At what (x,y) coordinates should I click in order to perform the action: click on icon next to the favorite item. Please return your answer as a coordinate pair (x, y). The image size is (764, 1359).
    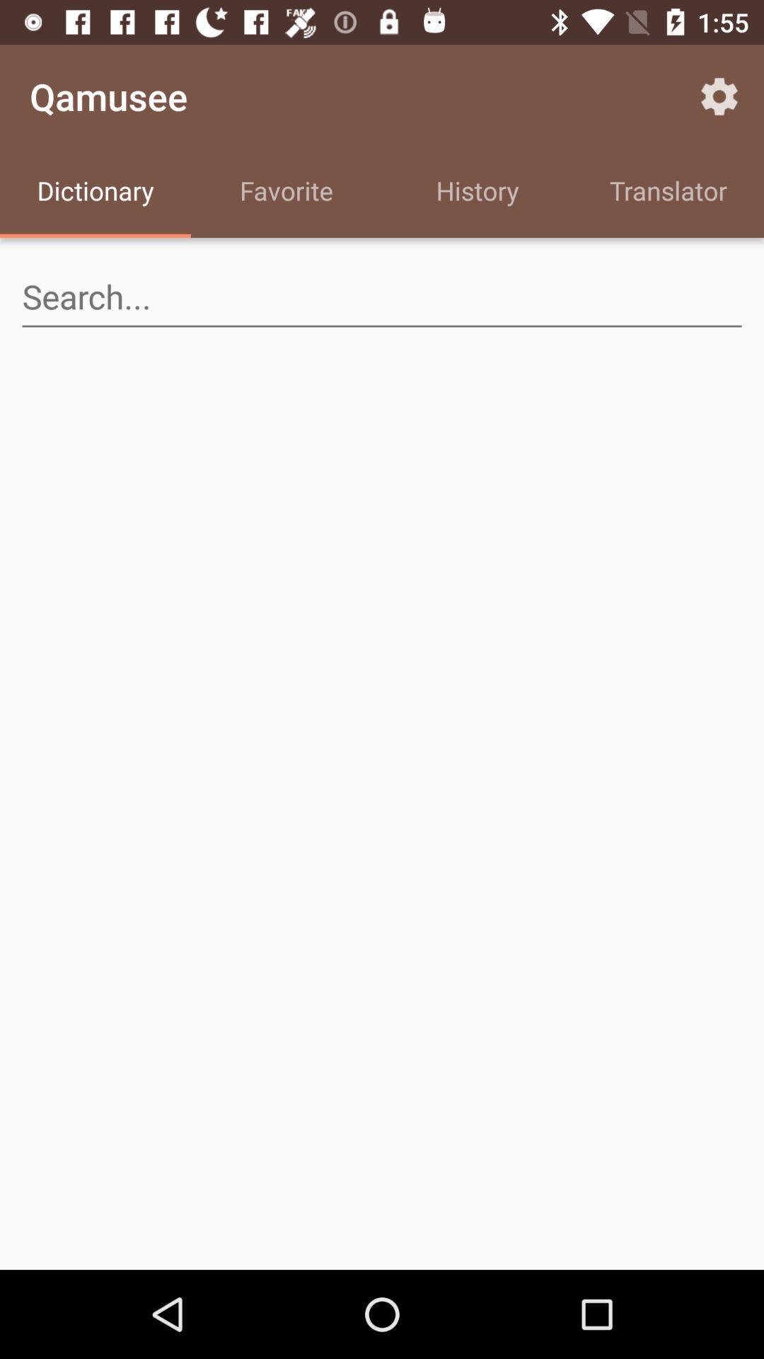
    Looking at the image, I should click on (477, 193).